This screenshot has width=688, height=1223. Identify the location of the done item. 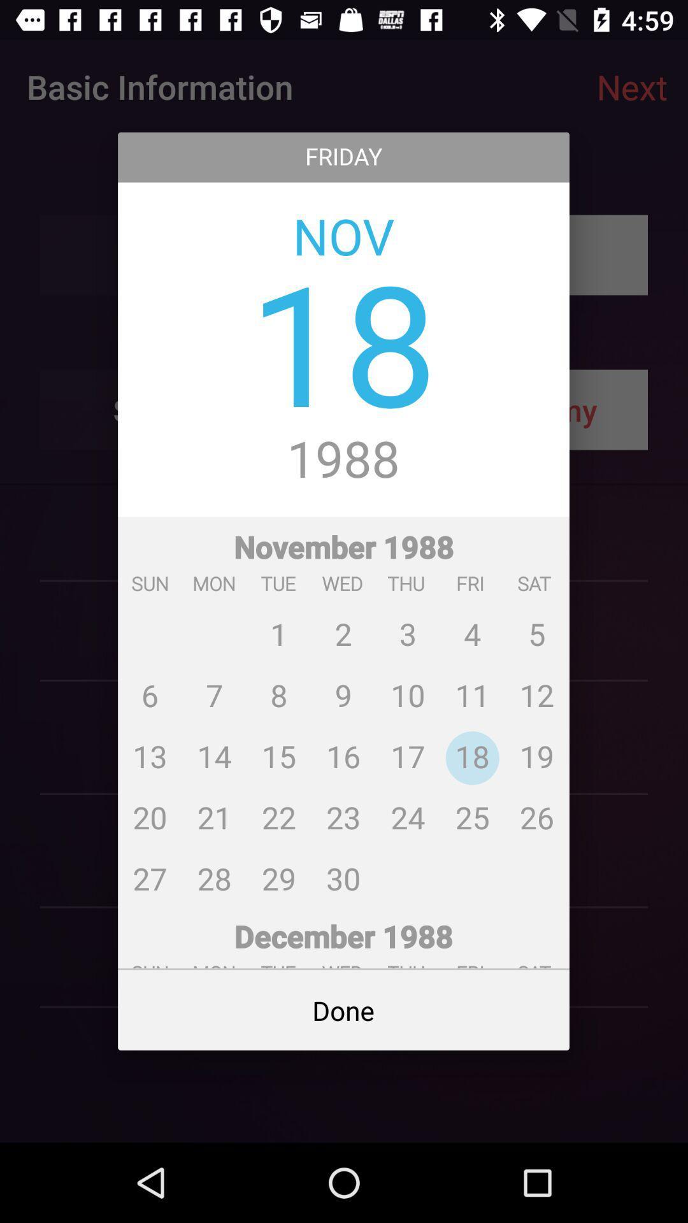
(343, 1010).